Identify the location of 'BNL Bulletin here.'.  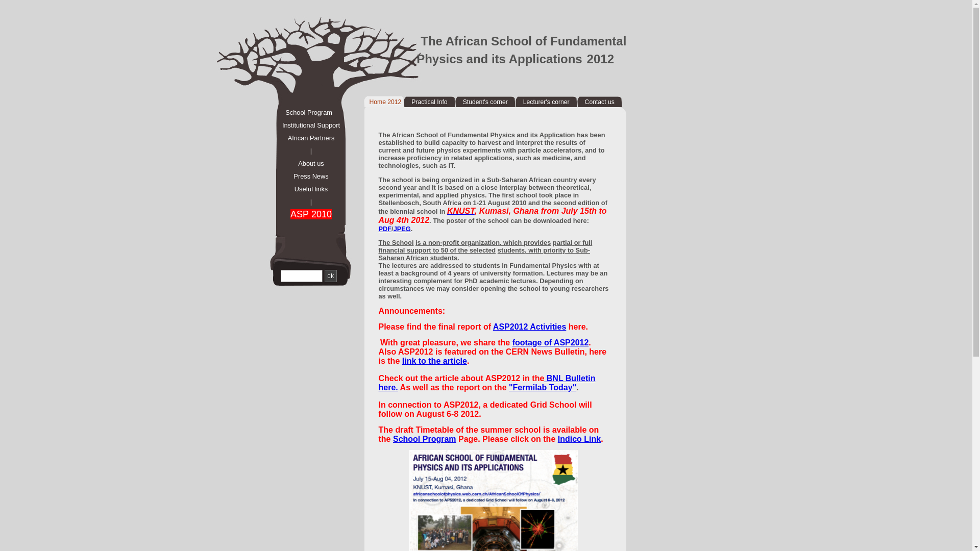
(486, 383).